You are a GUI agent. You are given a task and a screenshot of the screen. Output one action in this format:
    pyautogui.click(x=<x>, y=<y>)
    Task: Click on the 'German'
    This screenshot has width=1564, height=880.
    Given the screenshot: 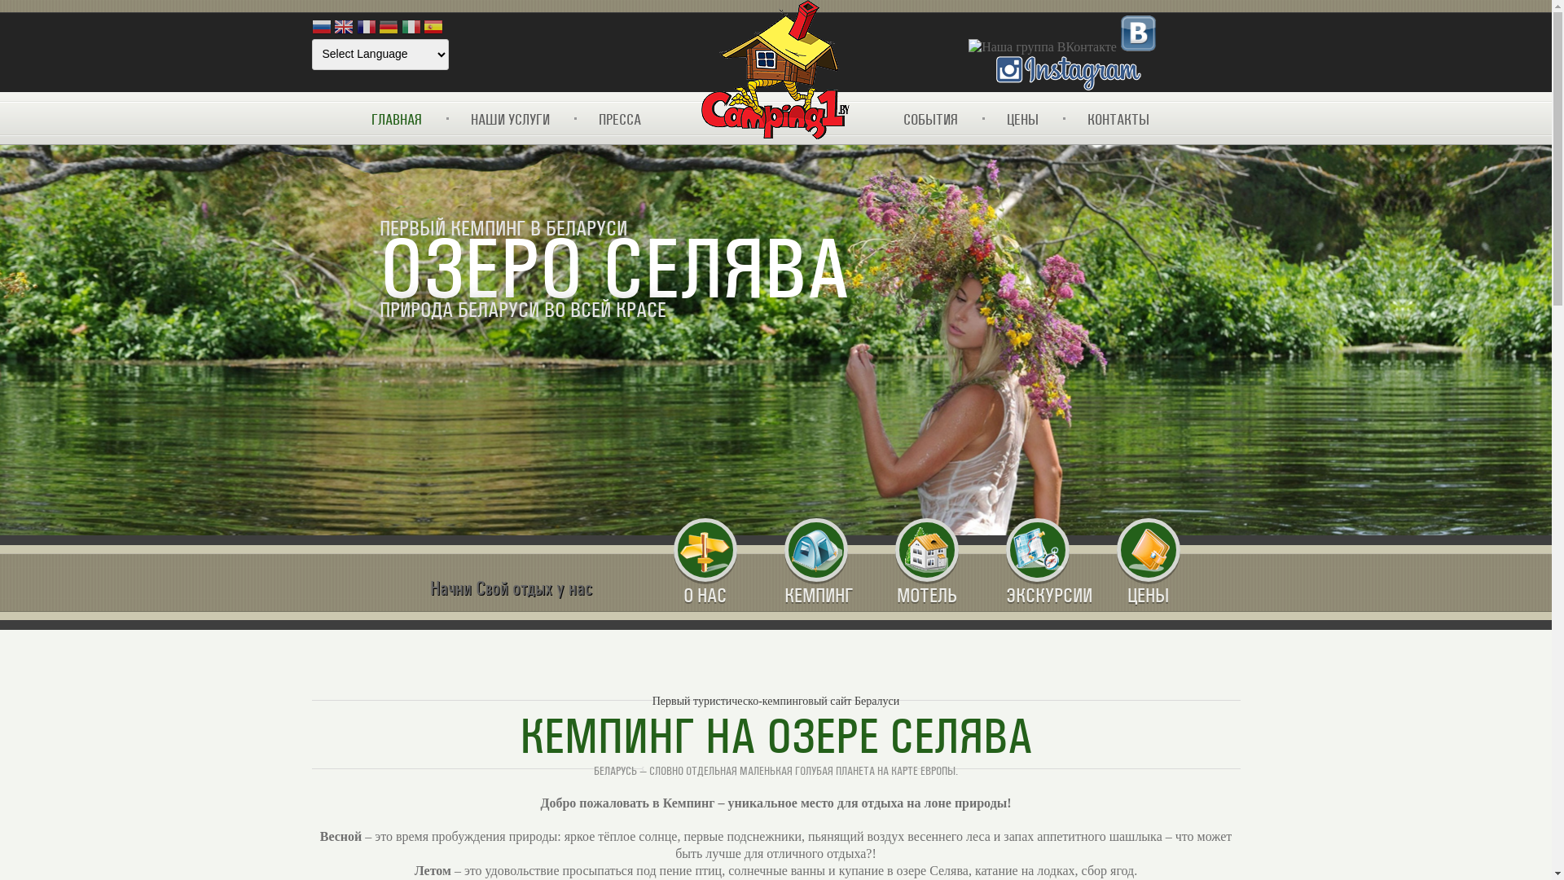 What is the action you would take?
    pyautogui.click(x=387, y=28)
    